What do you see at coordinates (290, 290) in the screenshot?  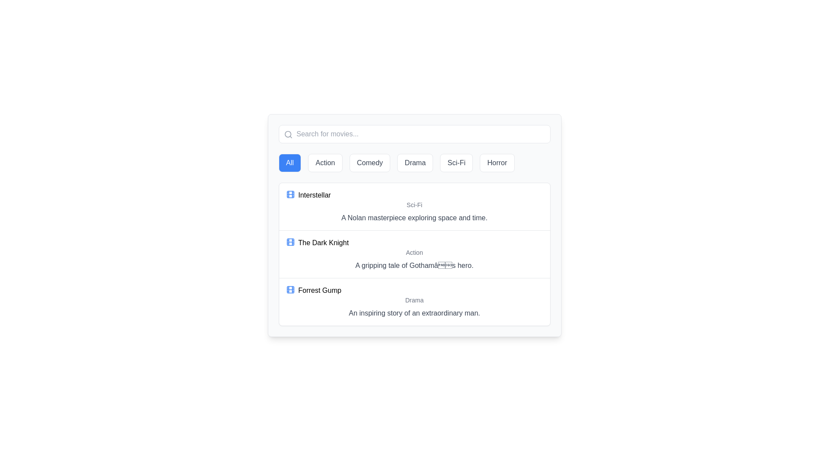 I see `the movie icon representing 'Forrest Gump'` at bounding box center [290, 290].